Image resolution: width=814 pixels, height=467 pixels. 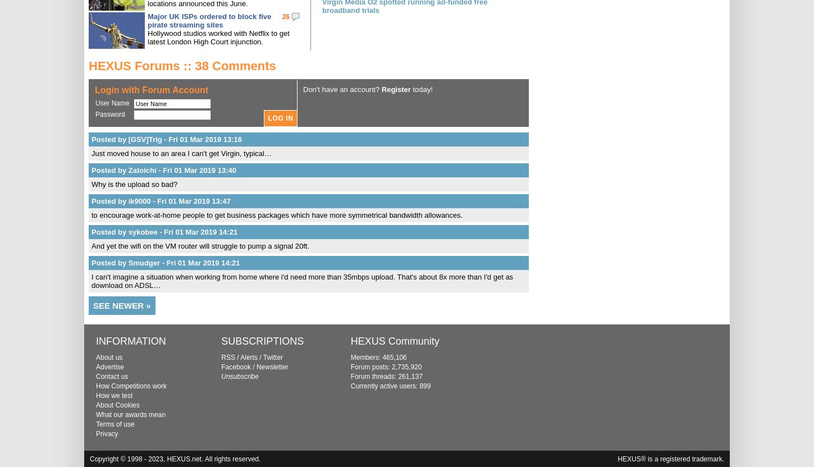 I want to click on 'Copyright © 1998 - 2023, HEXUS.net. All rights reserved.', so click(x=175, y=459).